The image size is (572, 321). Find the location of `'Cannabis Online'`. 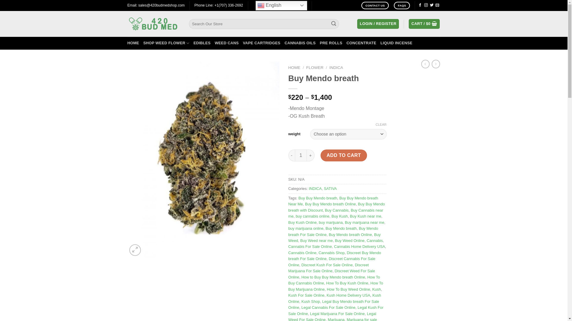

'Cannabis Online' is located at coordinates (302, 253).